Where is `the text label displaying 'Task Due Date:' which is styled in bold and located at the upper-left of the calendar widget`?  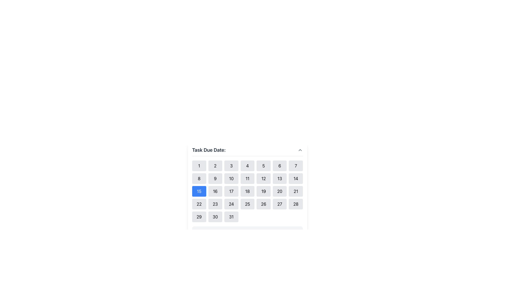
the text label displaying 'Task Due Date:' which is styled in bold and located at the upper-left of the calendar widget is located at coordinates (208, 150).